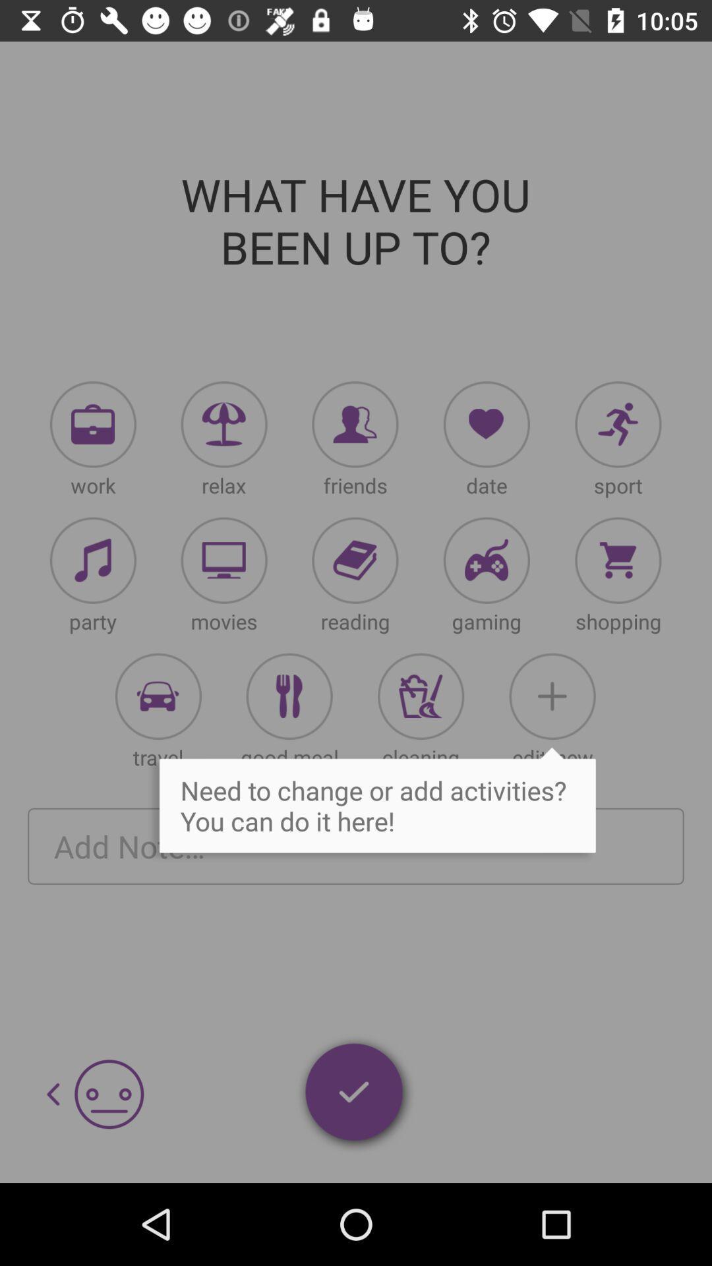  I want to click on tab to food toggle to restaurants, so click(289, 696).